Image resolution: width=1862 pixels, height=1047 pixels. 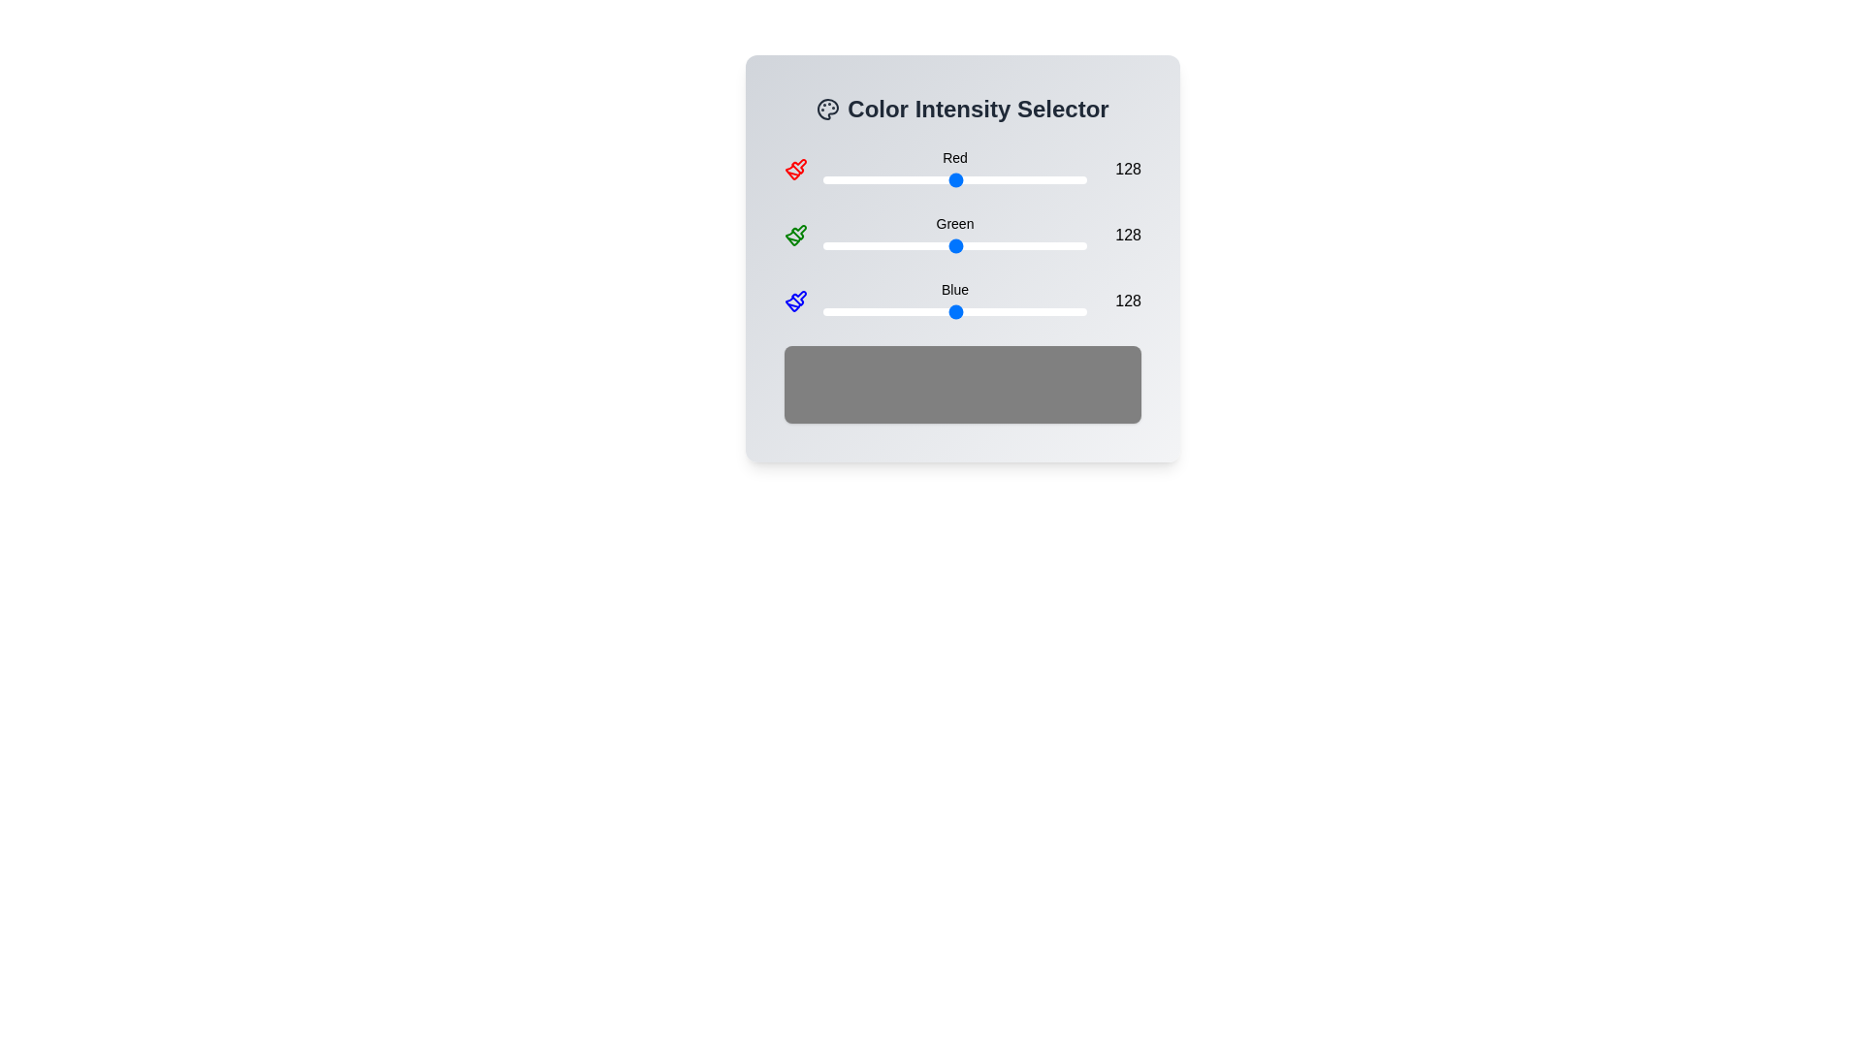 What do you see at coordinates (908, 245) in the screenshot?
I see `the green color intensity` at bounding box center [908, 245].